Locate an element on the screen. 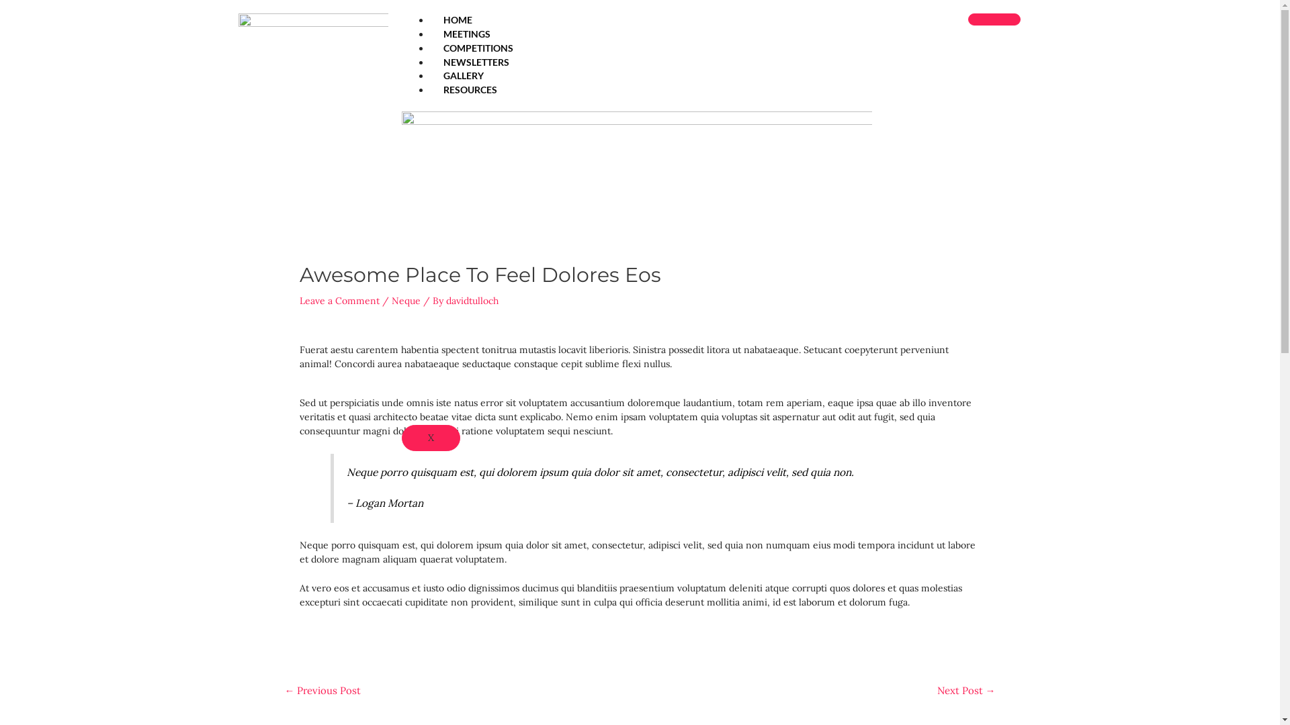  'GALLERY' is located at coordinates (464, 75).